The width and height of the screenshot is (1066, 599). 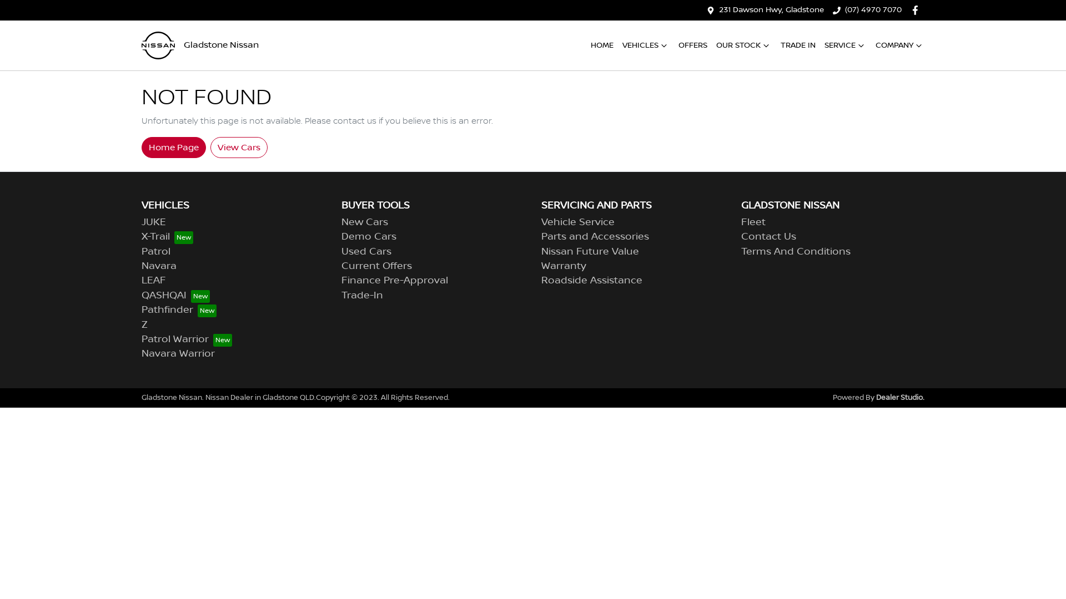 I want to click on 'Dealer Studio.', so click(x=900, y=397).